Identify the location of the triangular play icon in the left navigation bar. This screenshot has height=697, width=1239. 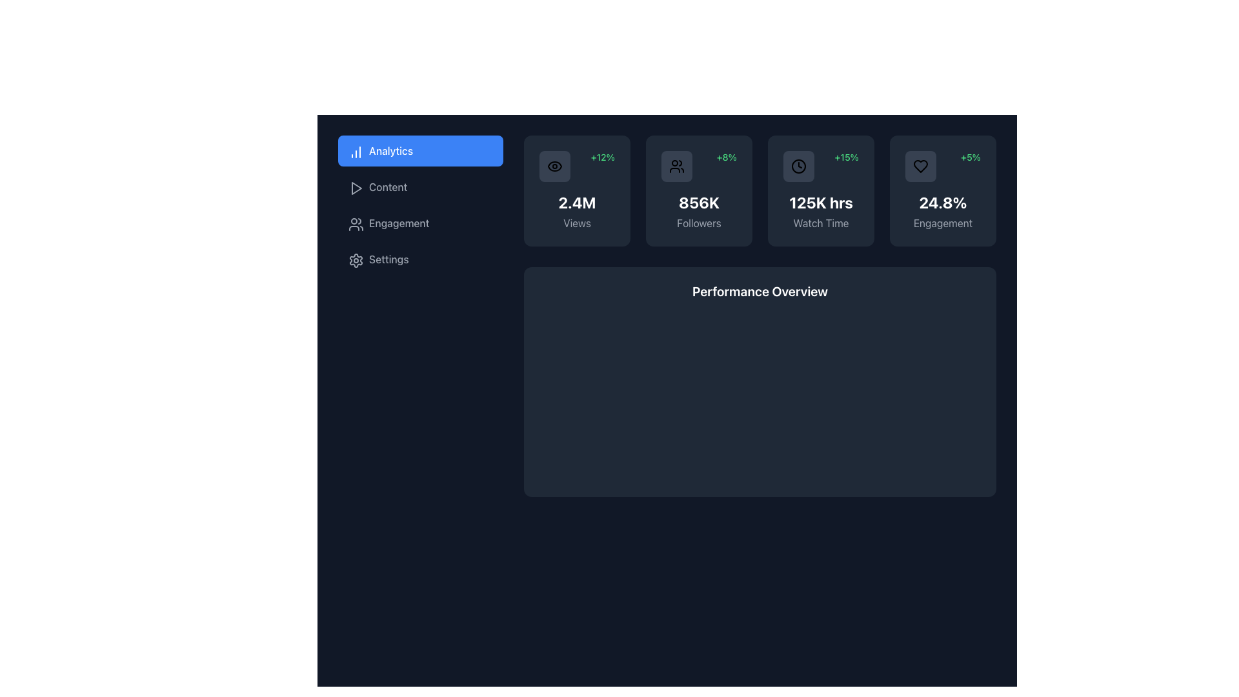
(356, 188).